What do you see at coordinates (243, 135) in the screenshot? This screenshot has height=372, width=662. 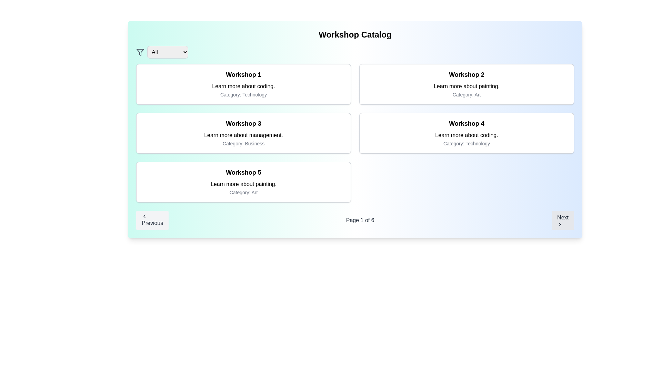 I see `the introductory text for 'Workshop 3', which is positioned directly below the title and above the category label in the left column of workshop cards` at bounding box center [243, 135].